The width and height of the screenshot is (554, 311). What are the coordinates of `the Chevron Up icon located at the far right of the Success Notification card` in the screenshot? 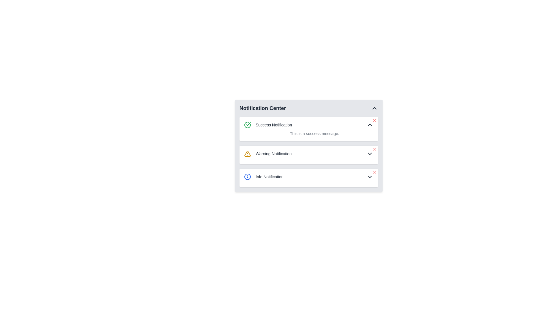 It's located at (370, 125).